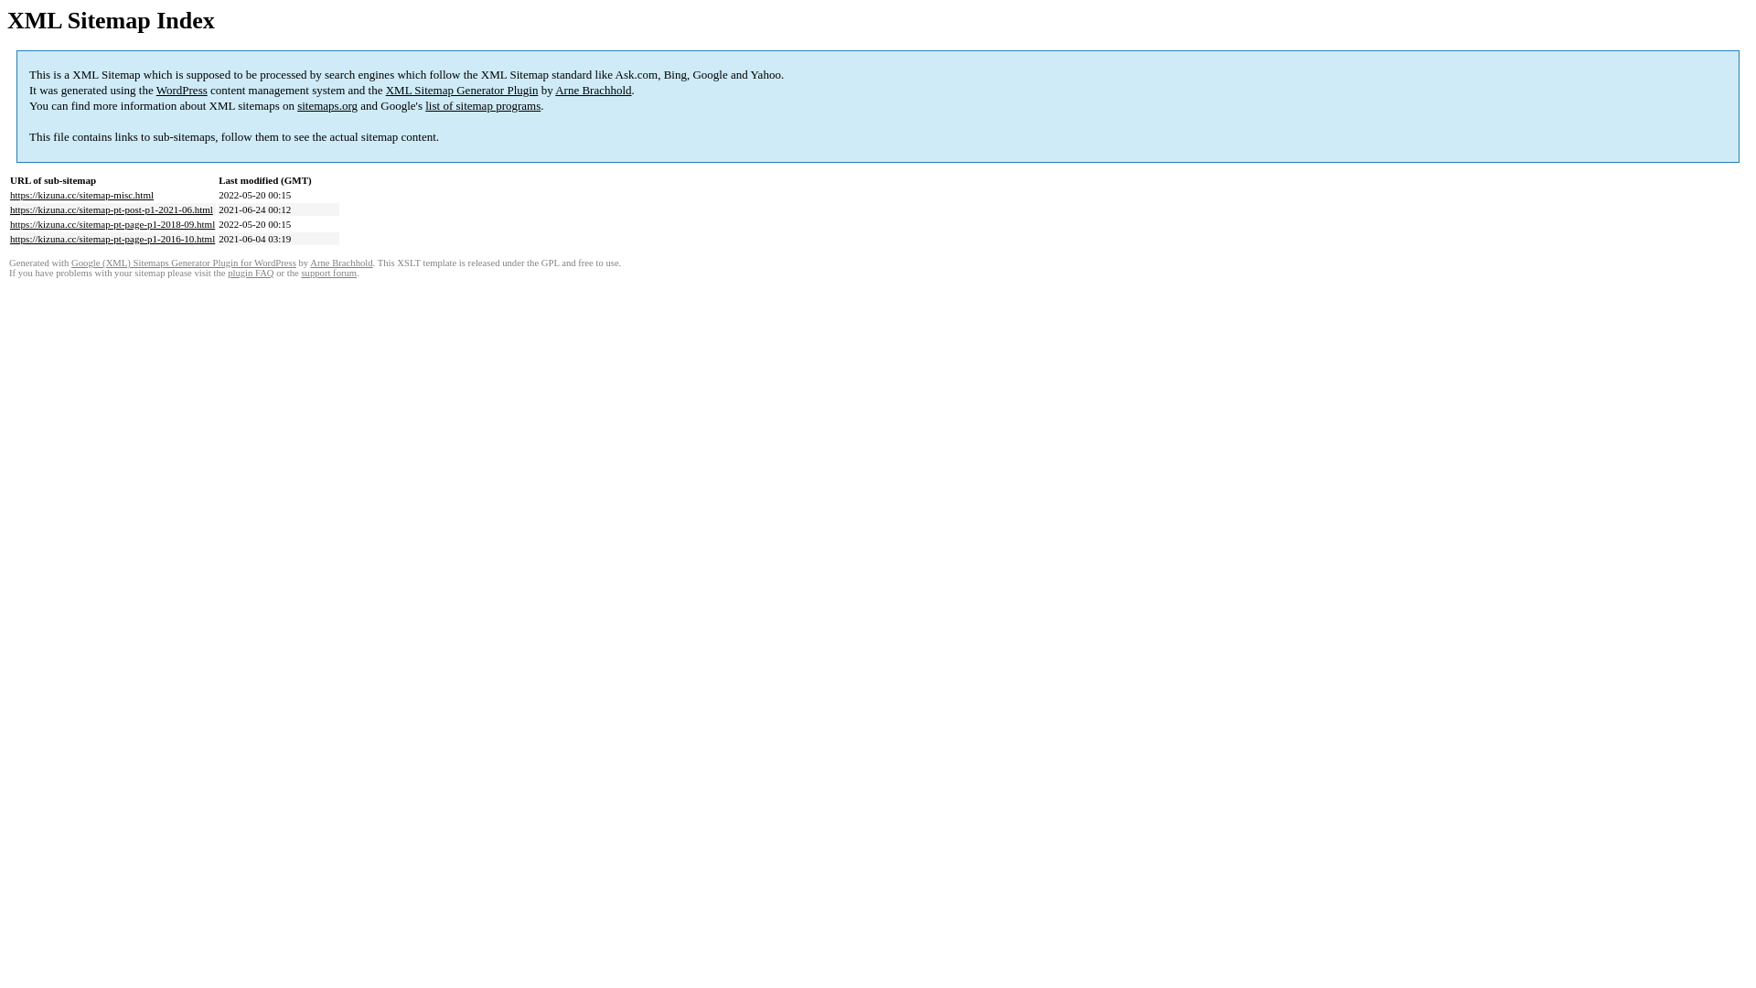 The height and width of the screenshot is (988, 1756). What do you see at coordinates (110, 208) in the screenshot?
I see `'https://kizuna.cc/sitemap-pt-post-p1-2021-06.html'` at bounding box center [110, 208].